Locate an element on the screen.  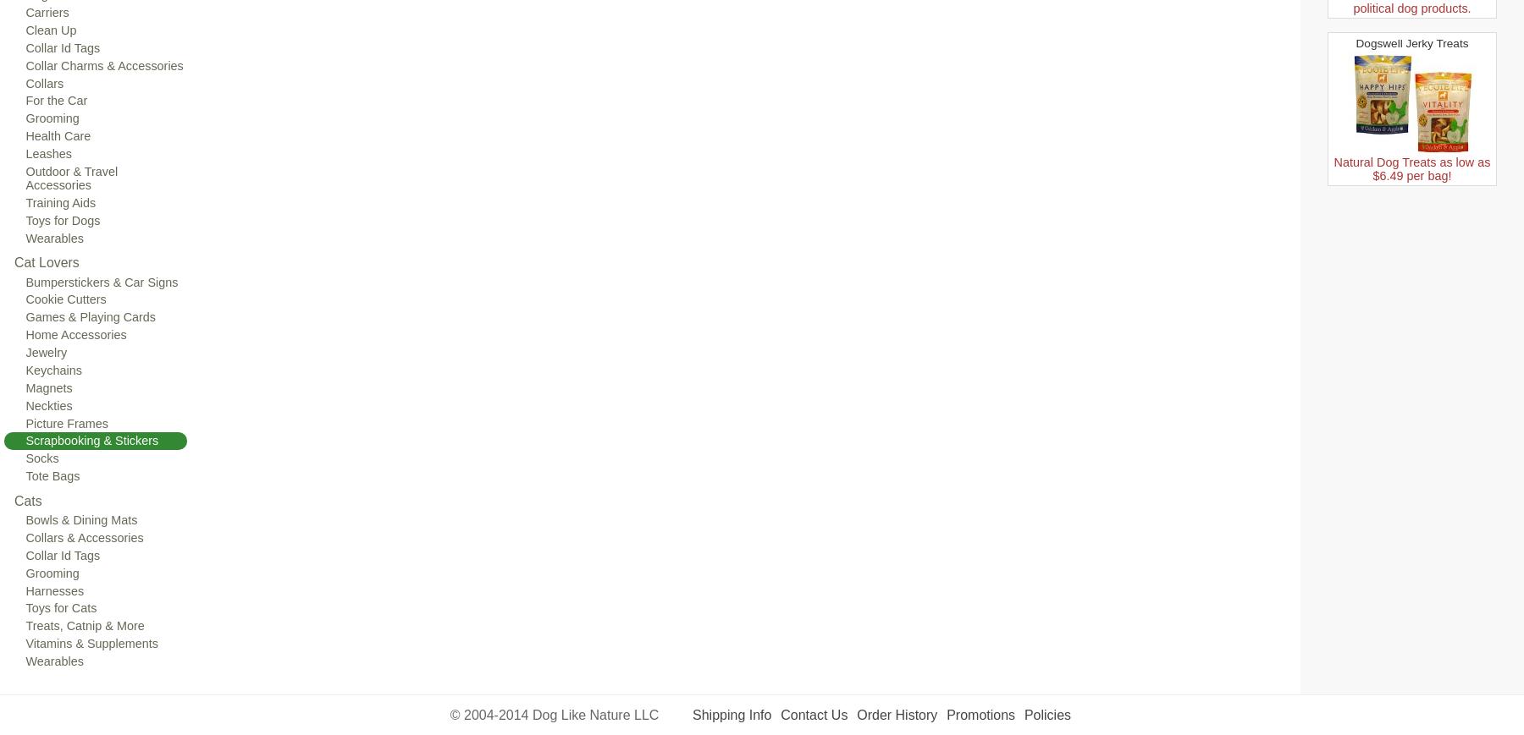
'For the Car' is located at coordinates (25, 99).